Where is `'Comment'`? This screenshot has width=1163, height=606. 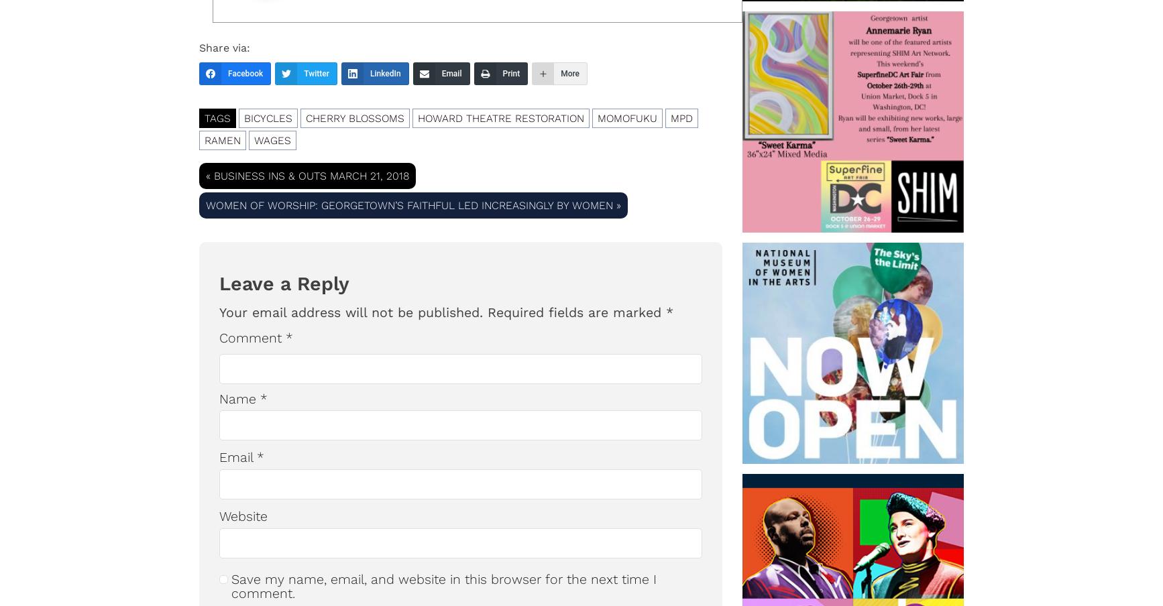
'Comment' is located at coordinates (219, 337).